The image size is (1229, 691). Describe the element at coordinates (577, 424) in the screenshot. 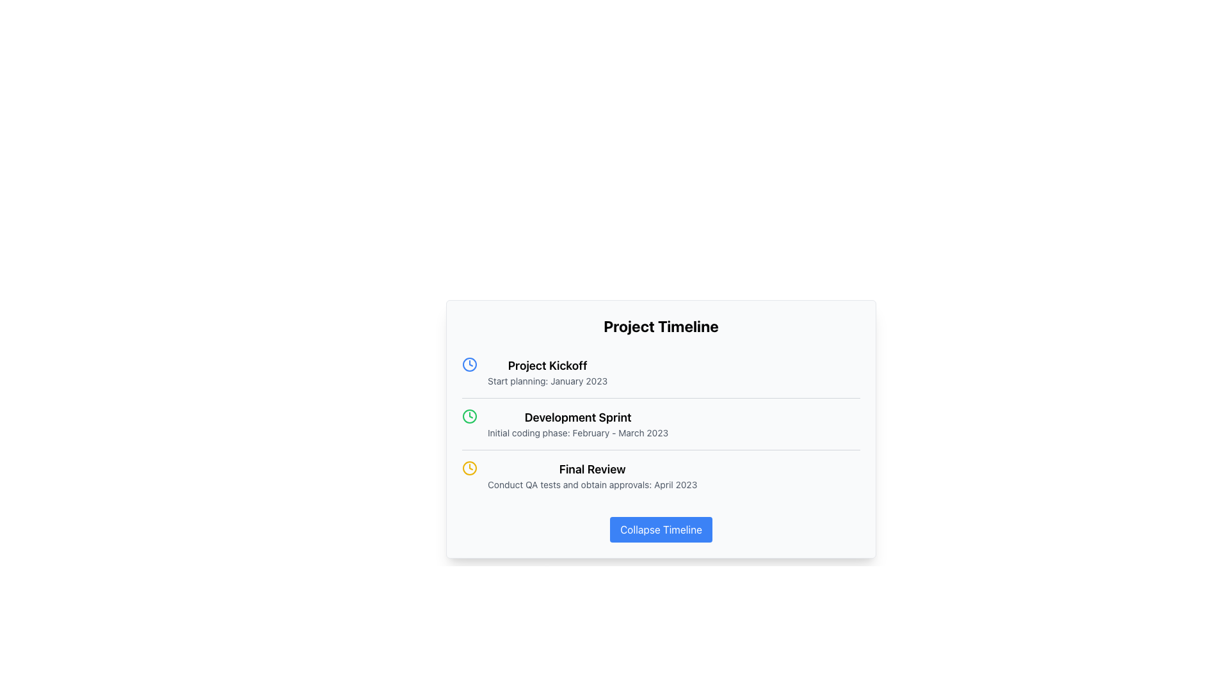

I see `text displayed in the 'Development Sprint' title and its subtitle 'Initial coding phase: February - March 2023' which is the second item in the vertical timeline layout` at that location.